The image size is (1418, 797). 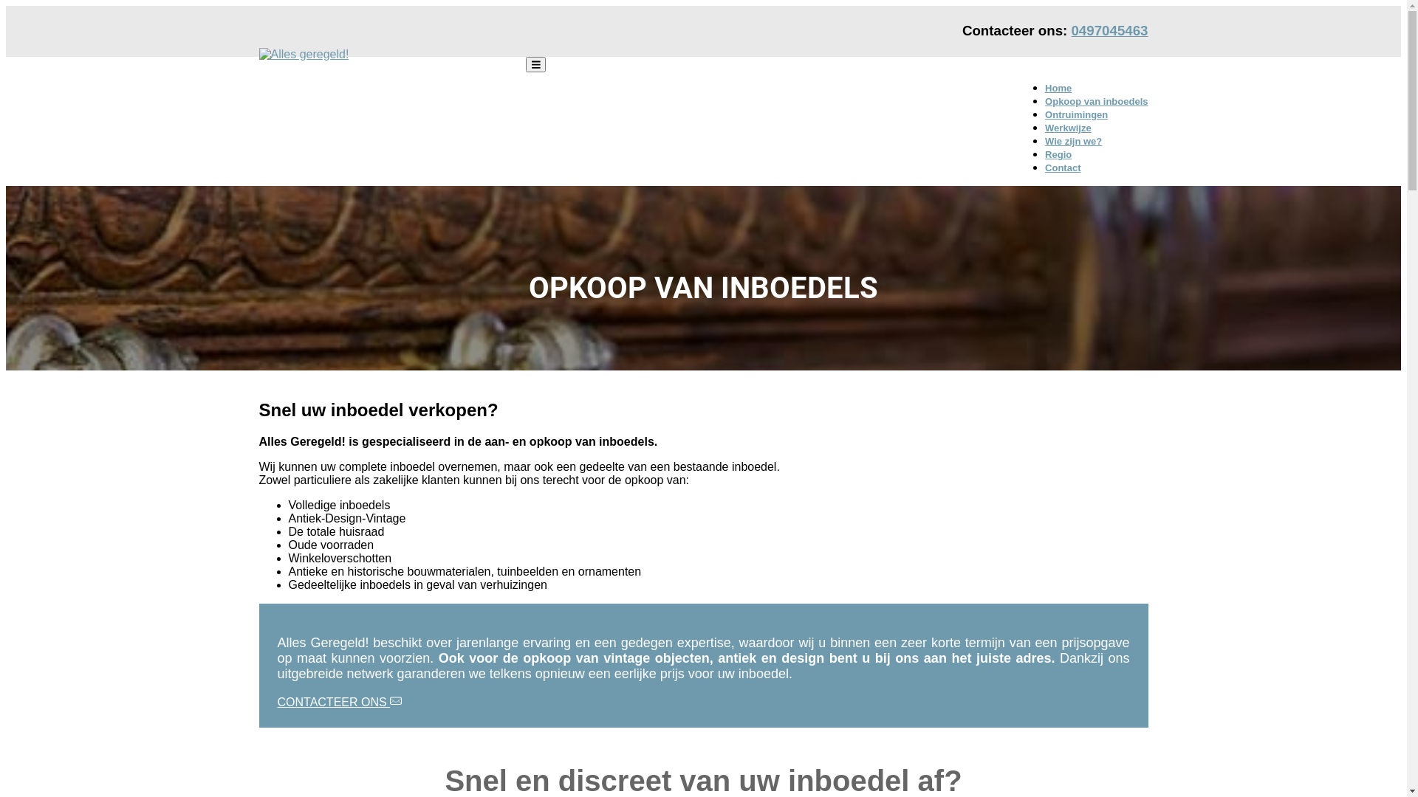 What do you see at coordinates (1109, 30) in the screenshot?
I see `'0497045463'` at bounding box center [1109, 30].